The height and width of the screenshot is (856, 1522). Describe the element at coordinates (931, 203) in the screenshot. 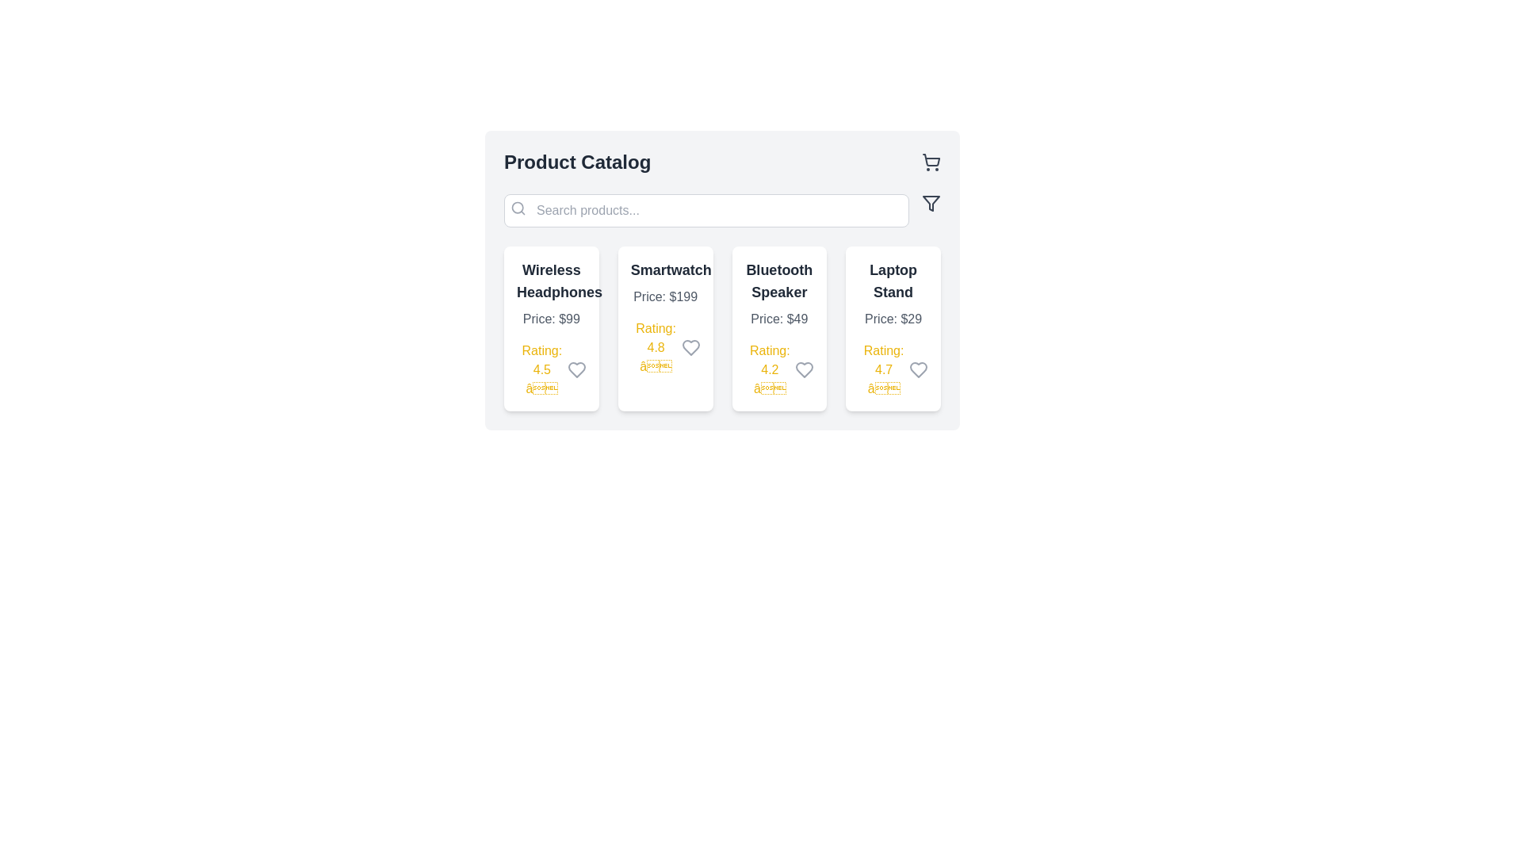

I see `the filter icon located on the right side of the toolbar below 'Product Catalog'` at that location.